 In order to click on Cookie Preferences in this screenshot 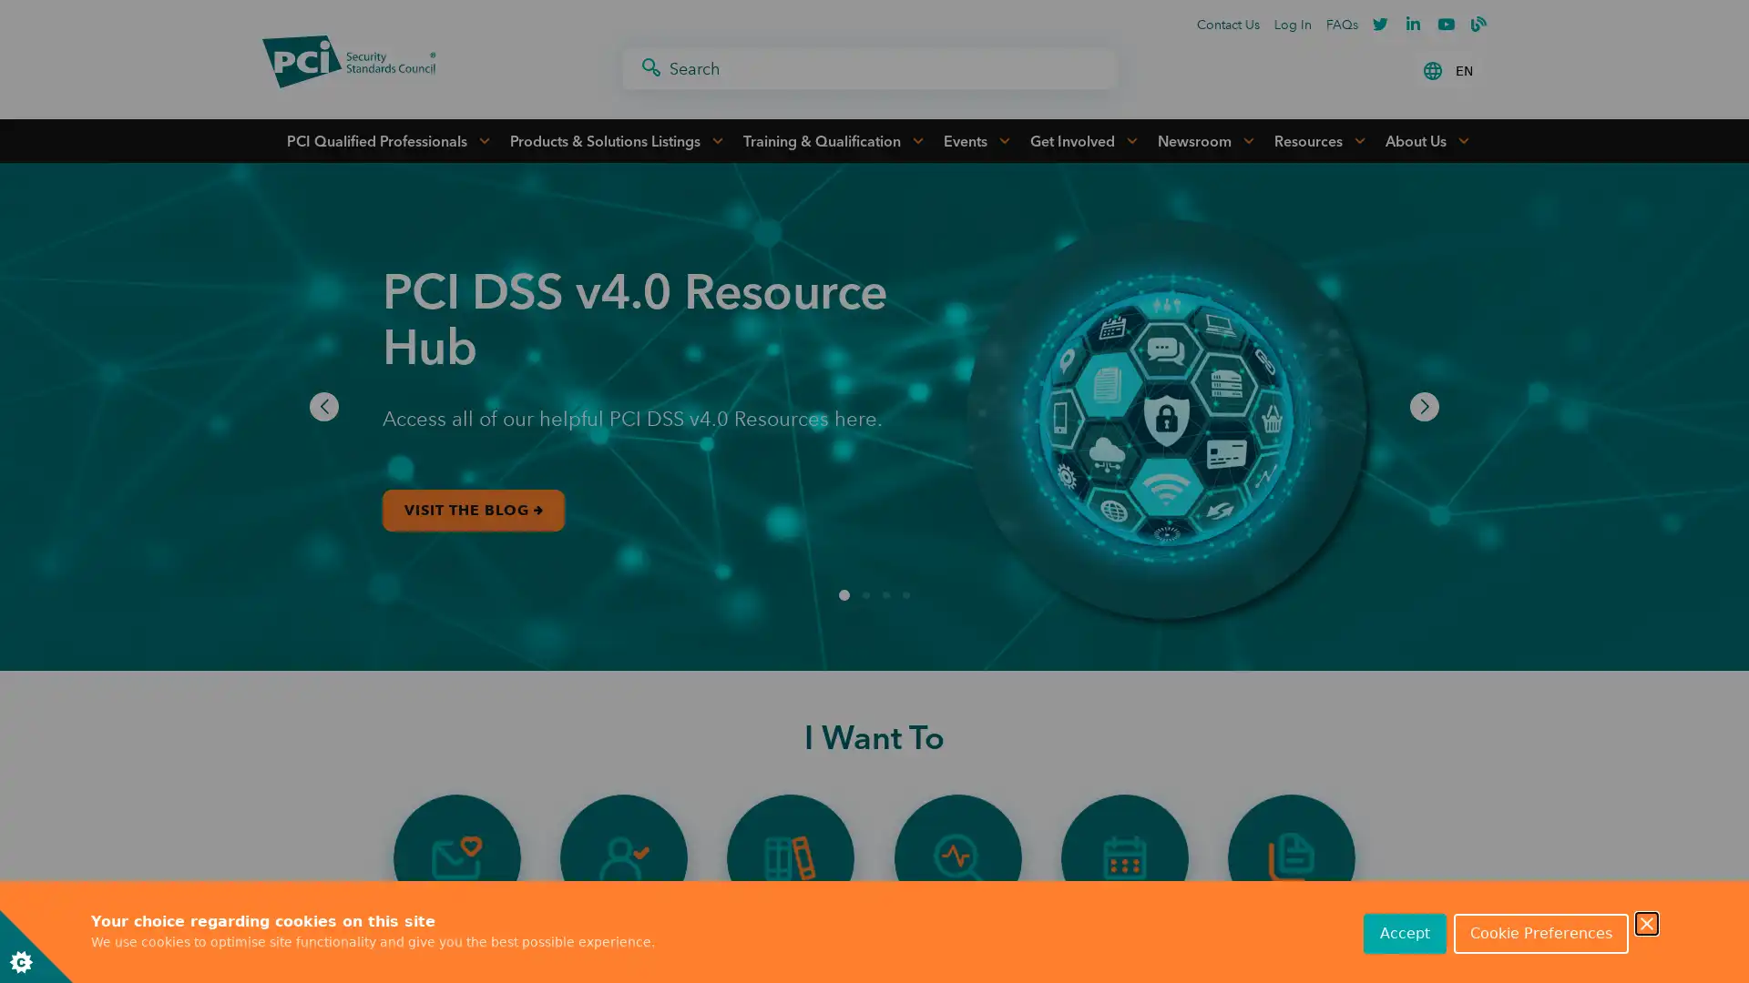, I will do `click(1540, 934)`.